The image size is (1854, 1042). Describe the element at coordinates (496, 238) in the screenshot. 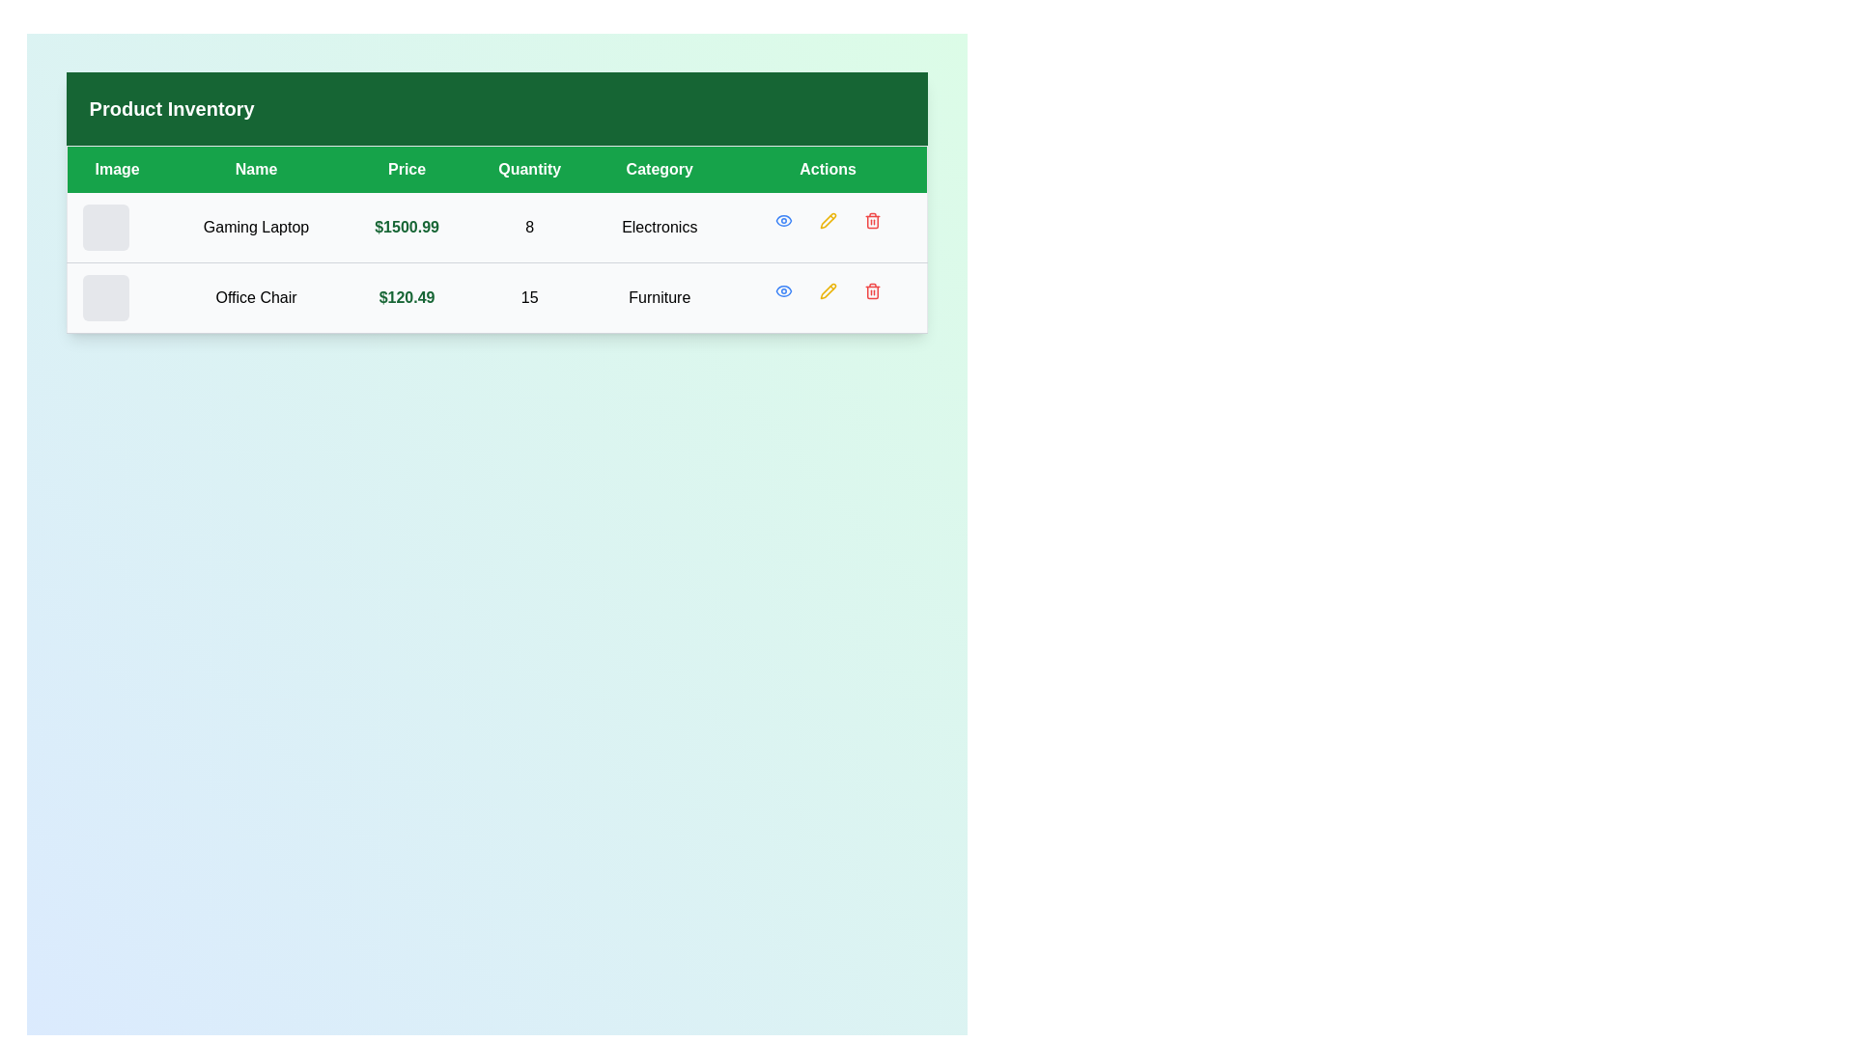

I see `items in the product inventory table by clicking on the checkmarks provided in the rows` at that location.